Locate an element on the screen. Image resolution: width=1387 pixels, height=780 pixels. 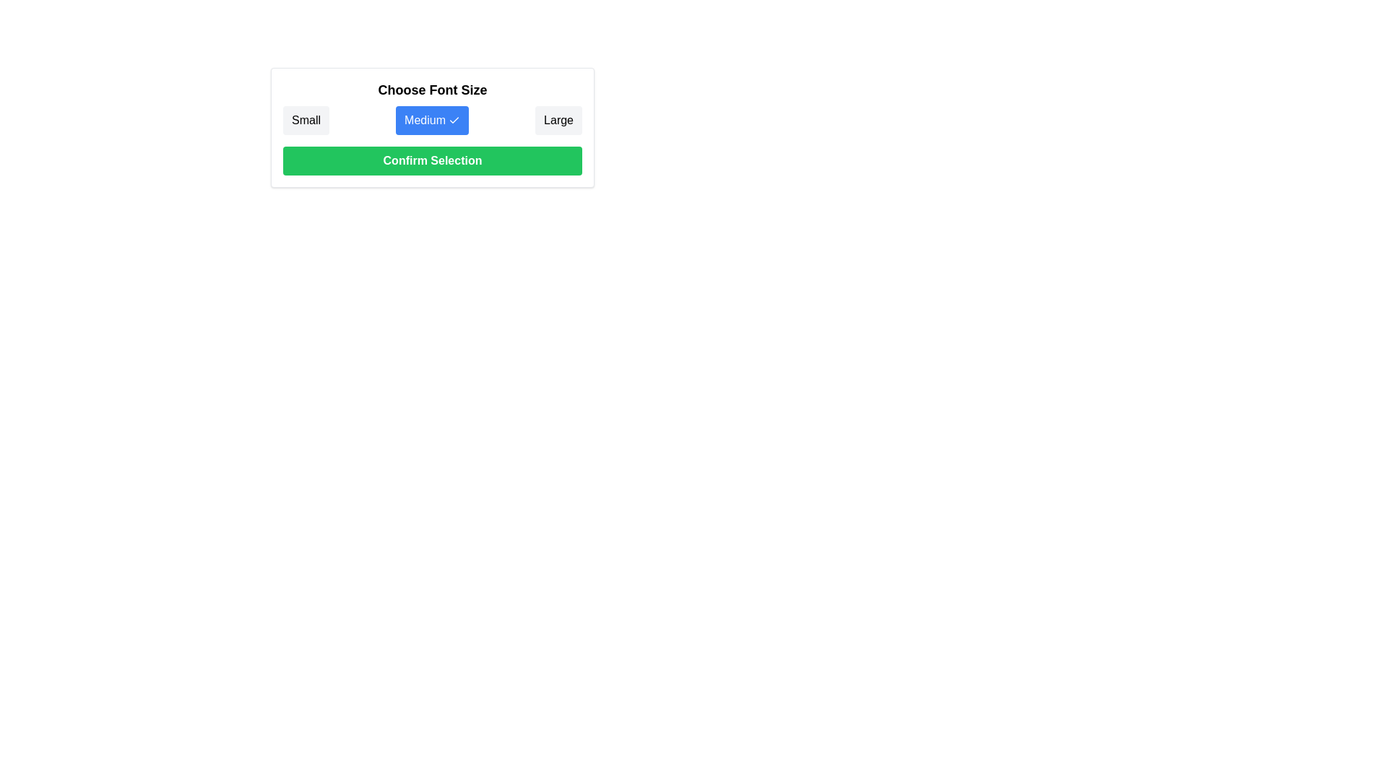
the button labeled 'Medium' which has a blue background and white text, positioned between 'Small' and 'Large' is located at coordinates (431, 119).